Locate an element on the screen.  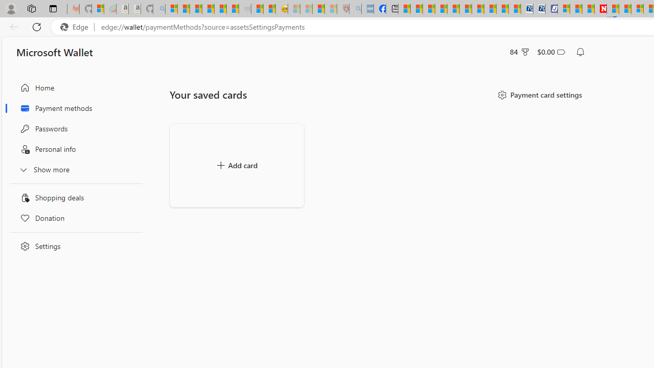
'Cheap Hotels - Save70.com' is located at coordinates (539, 9).